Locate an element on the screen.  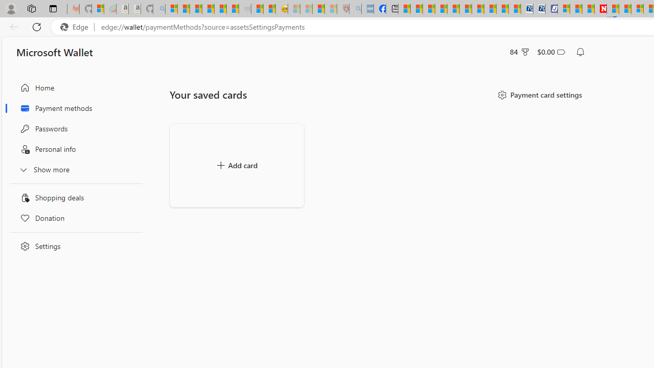
'Cheap Hotels - Save70.com' is located at coordinates (539, 9).